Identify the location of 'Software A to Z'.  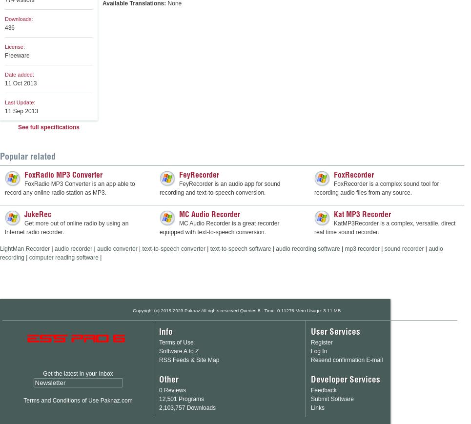
(179, 351).